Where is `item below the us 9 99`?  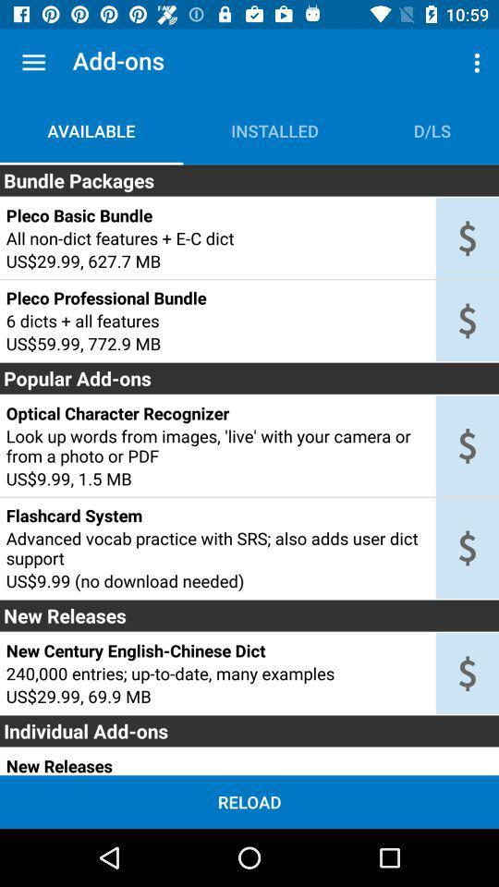
item below the us 9 99 is located at coordinates (216, 516).